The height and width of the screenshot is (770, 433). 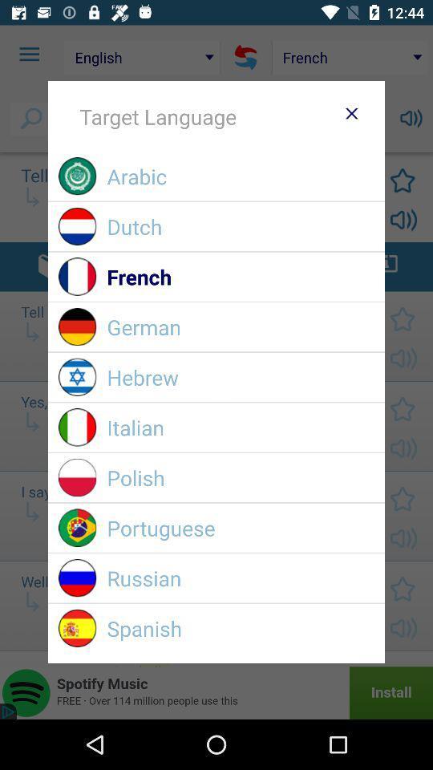 What do you see at coordinates (350, 112) in the screenshot?
I see `tab` at bounding box center [350, 112].